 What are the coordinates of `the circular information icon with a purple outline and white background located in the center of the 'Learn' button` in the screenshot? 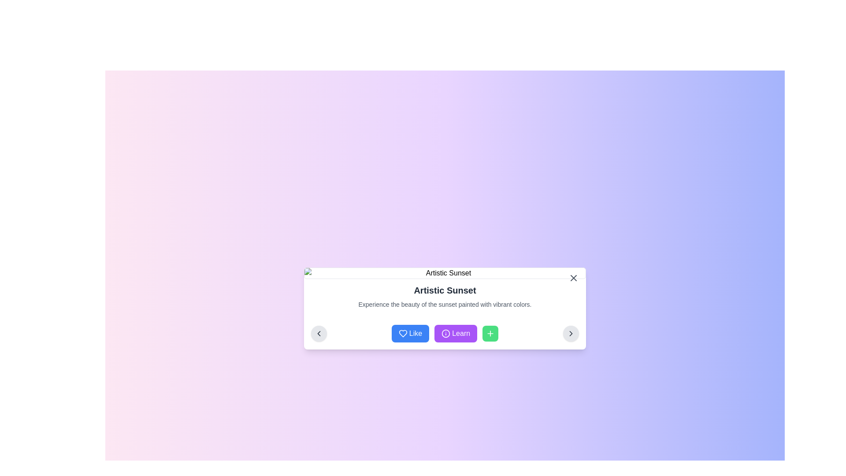 It's located at (446, 333).